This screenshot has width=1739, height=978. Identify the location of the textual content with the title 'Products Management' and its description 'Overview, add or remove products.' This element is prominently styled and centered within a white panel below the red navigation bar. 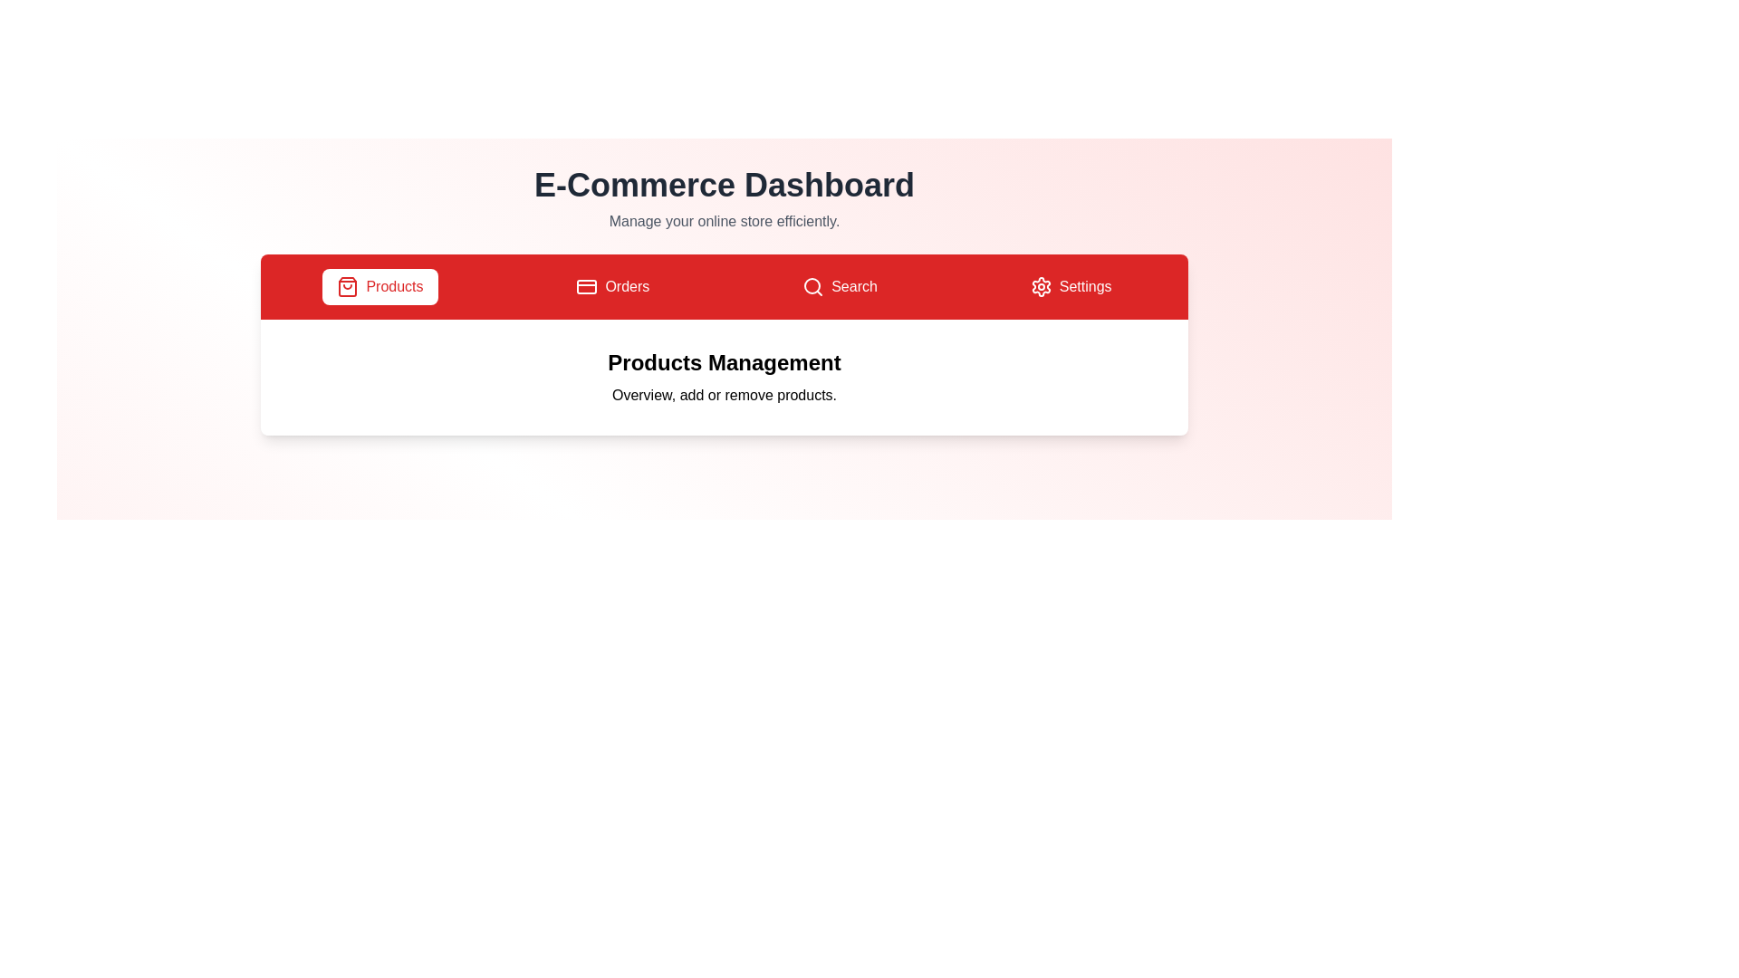
(725, 376).